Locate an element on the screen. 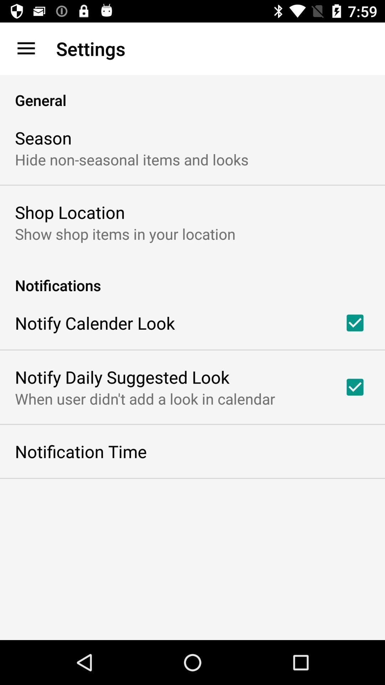 The image size is (385, 685). the app next to settings is located at coordinates (26, 48).